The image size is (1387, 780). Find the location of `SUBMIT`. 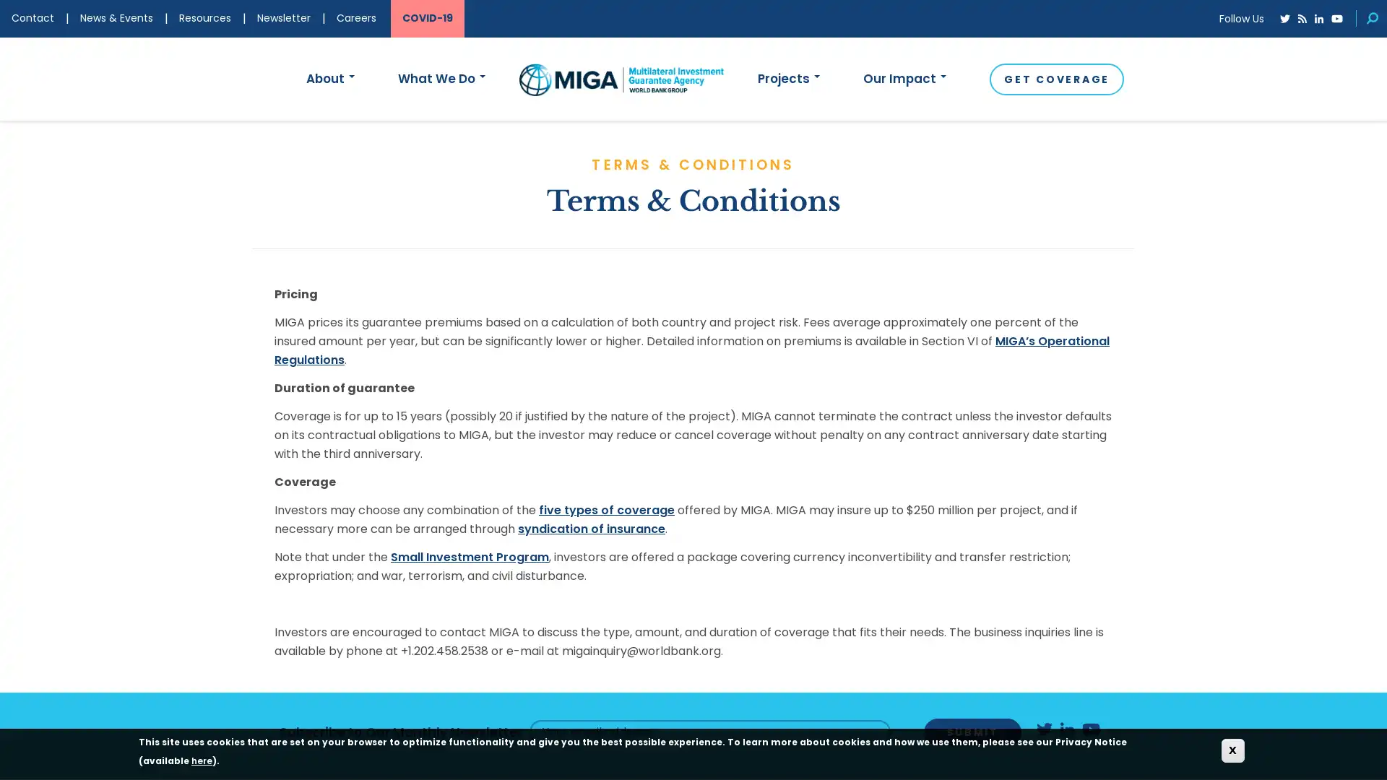

SUBMIT is located at coordinates (972, 732).